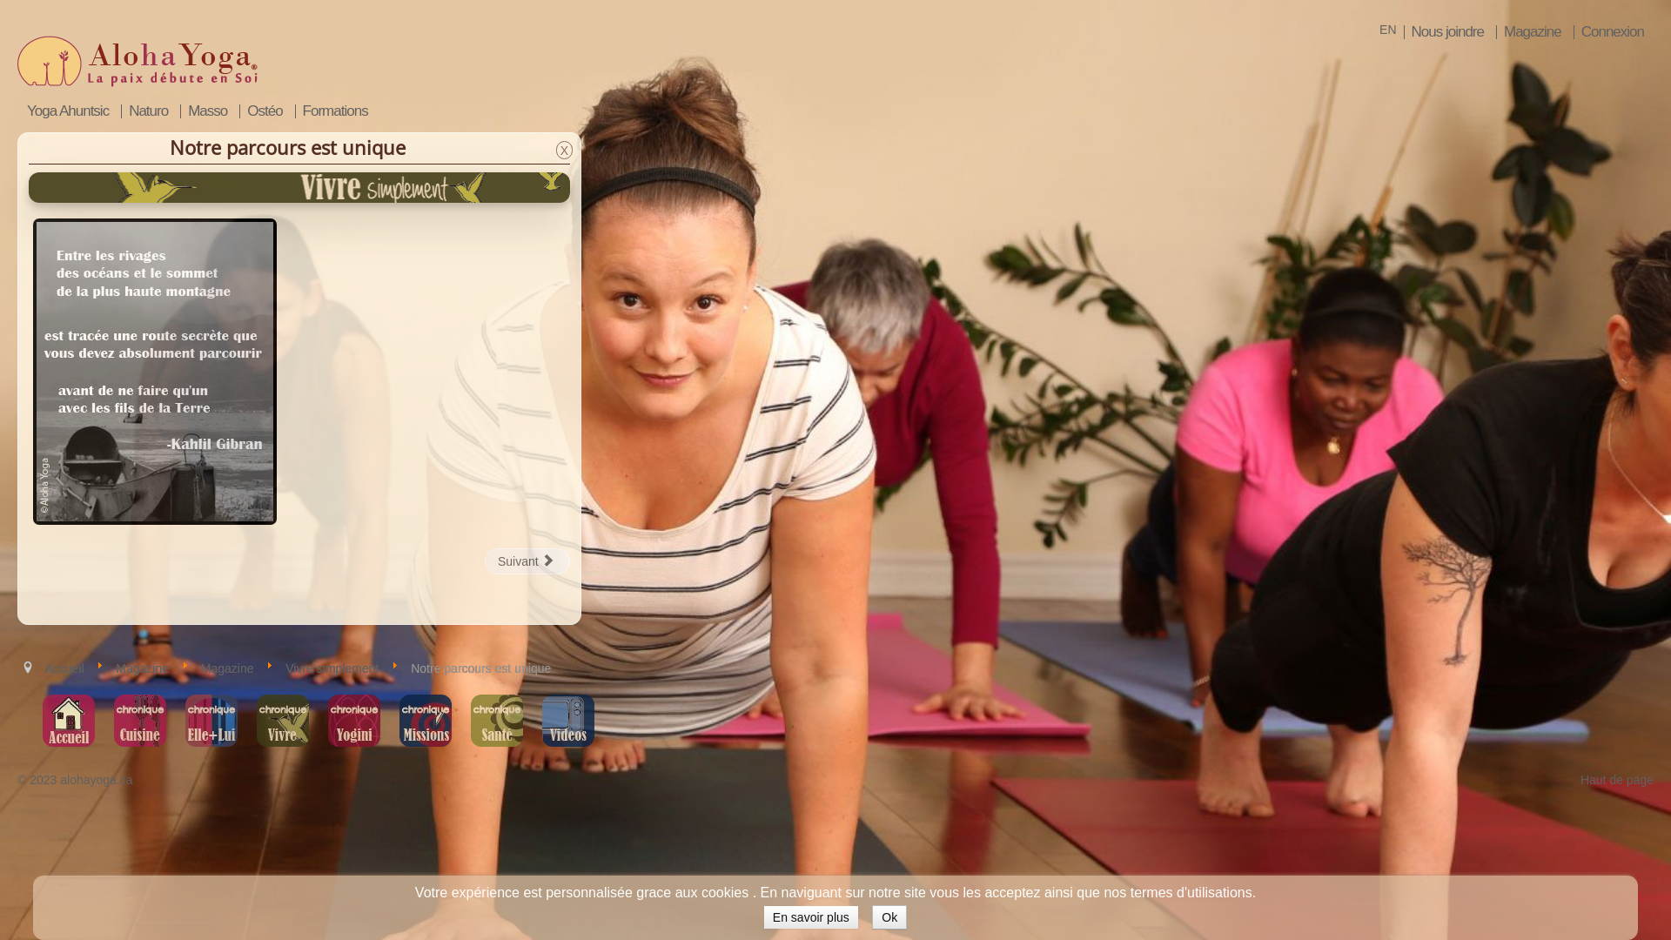 This screenshot has height=940, width=1671. Describe the element at coordinates (1615, 778) in the screenshot. I see `'Haut de page'` at that location.